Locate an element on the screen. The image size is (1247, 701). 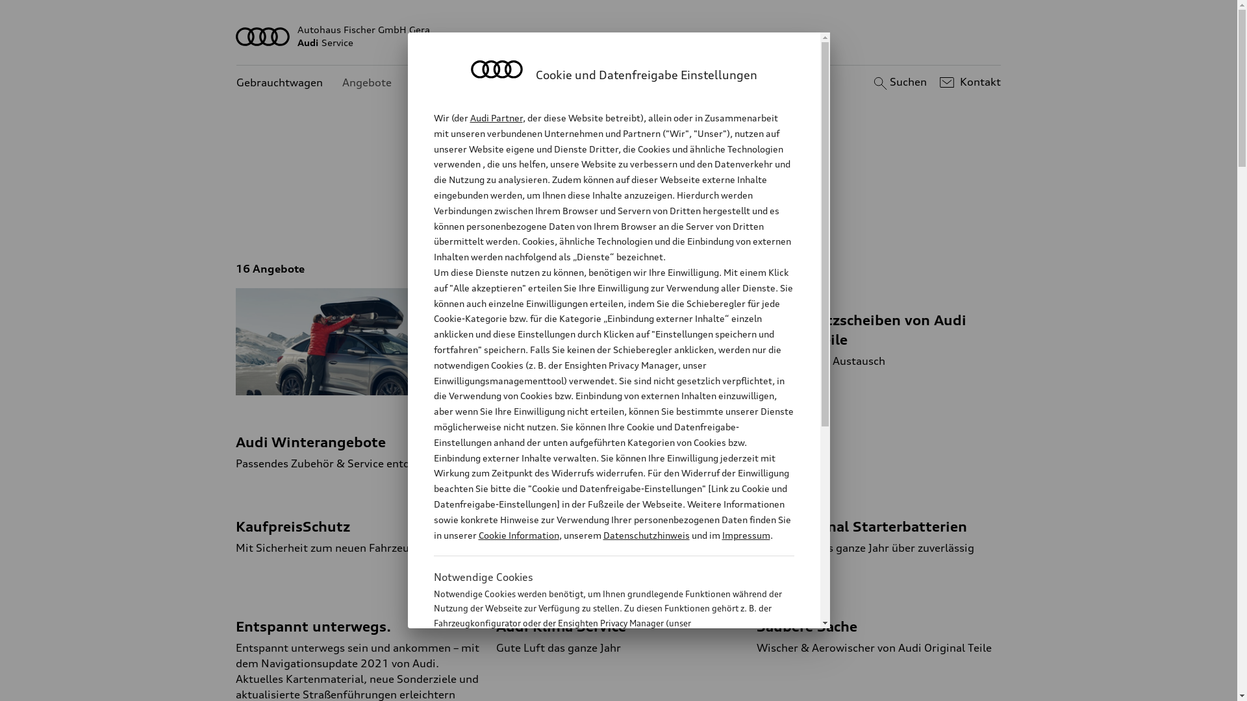
'Suchen' is located at coordinates (870, 82).